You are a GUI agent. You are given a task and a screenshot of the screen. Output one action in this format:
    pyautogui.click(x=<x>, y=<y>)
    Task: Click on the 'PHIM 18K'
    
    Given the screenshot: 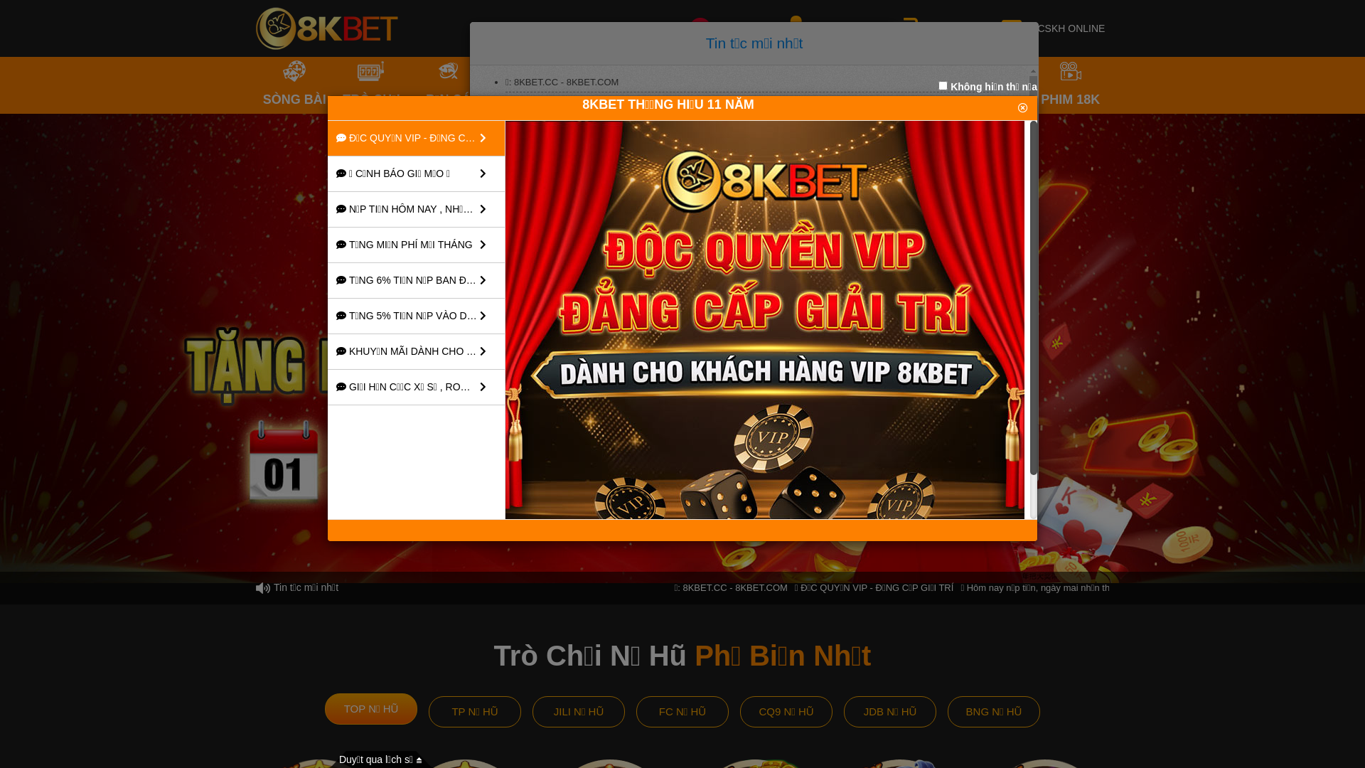 What is the action you would take?
    pyautogui.click(x=1071, y=85)
    